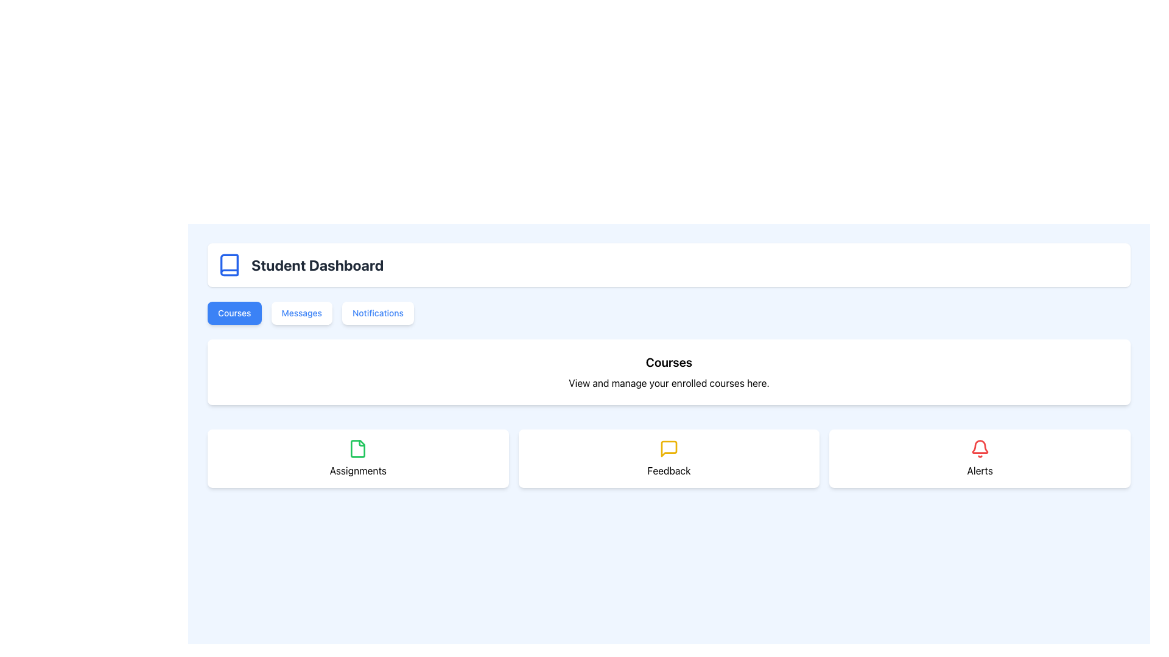 This screenshot has height=657, width=1169. What do you see at coordinates (357, 470) in the screenshot?
I see `text from the 'Assignments' label, which is a bold black font label located below a green document icon within the 'Courses' section` at bounding box center [357, 470].